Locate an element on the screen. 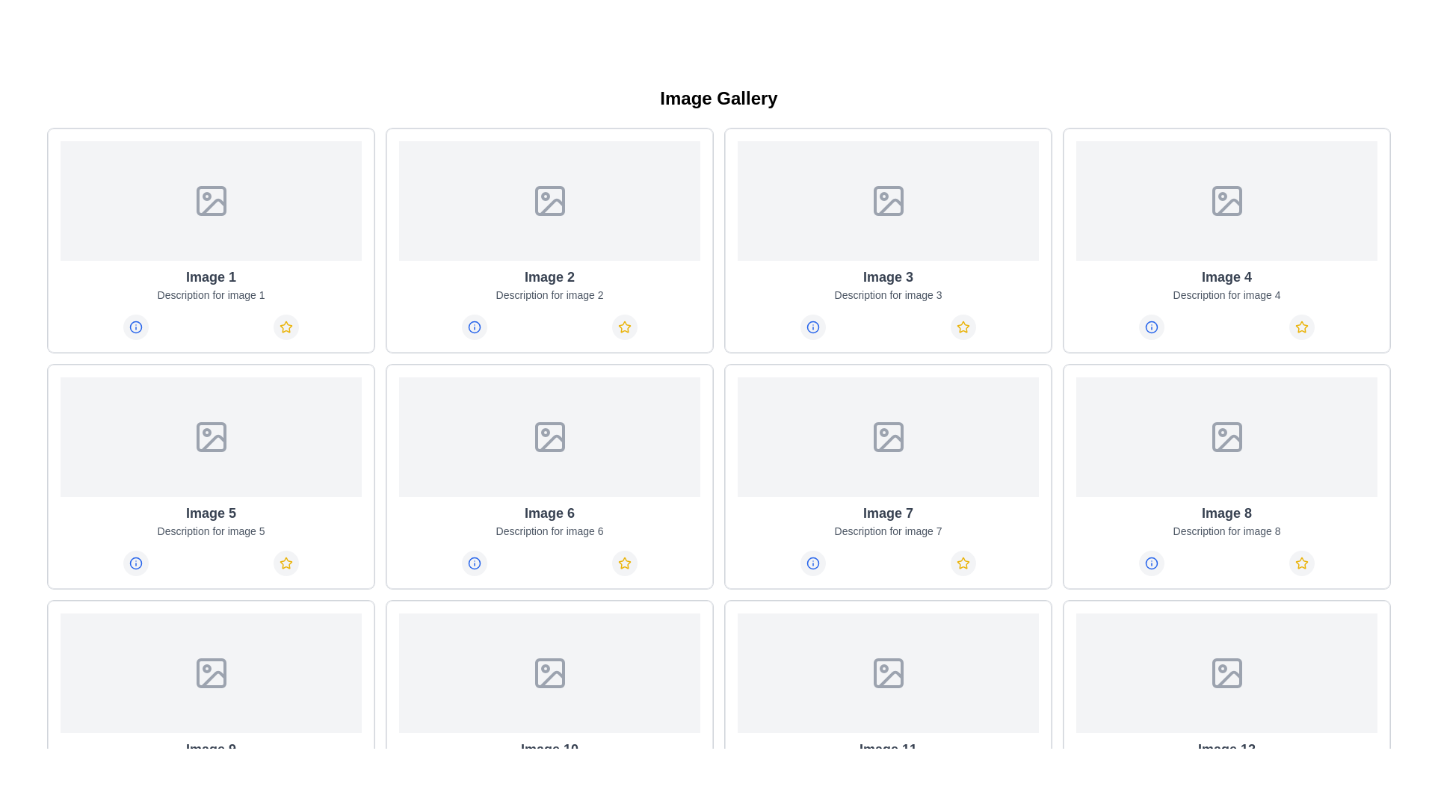 This screenshot has height=807, width=1435. the text label that reads 'Image 3', which is centrally positioned within the third card of the image gallery layout is located at coordinates (888, 276).